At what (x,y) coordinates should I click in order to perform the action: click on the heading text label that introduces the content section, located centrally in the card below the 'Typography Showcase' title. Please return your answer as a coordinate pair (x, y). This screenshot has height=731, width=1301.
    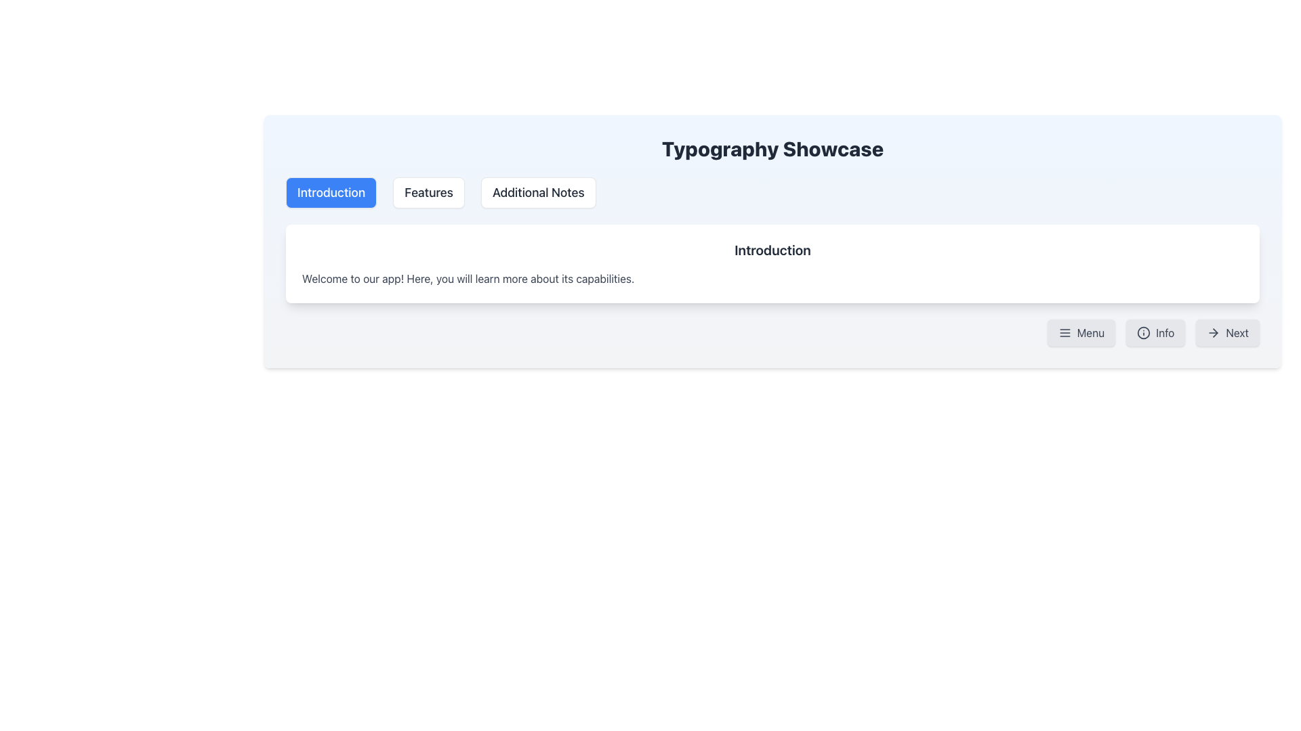
    Looking at the image, I should click on (772, 250).